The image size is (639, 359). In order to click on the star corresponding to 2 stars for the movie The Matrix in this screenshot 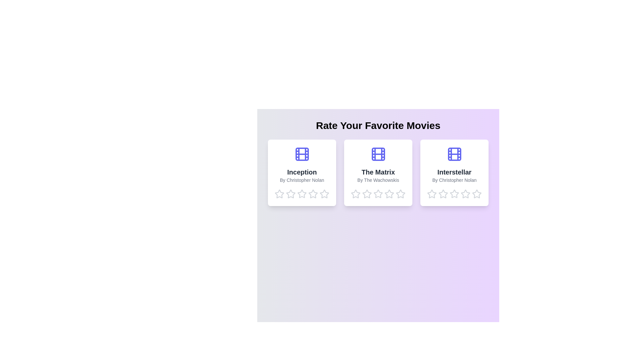, I will do `click(366, 194)`.